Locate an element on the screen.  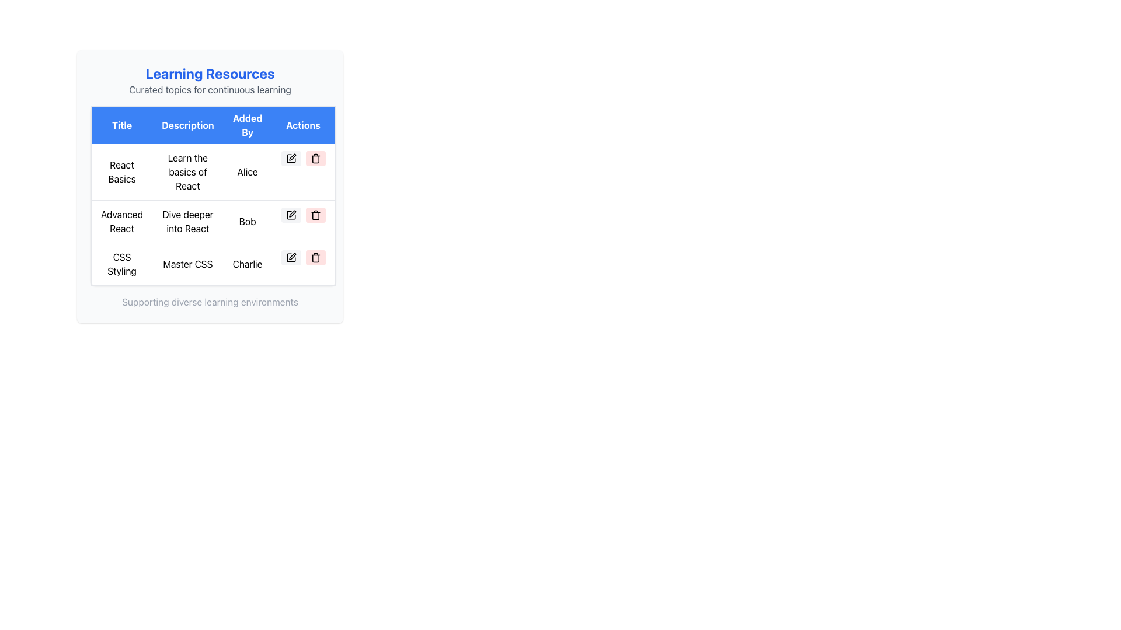
the text label that reads 'Dive deeper into React' located in the second row and second column of the table under the 'Description' column is located at coordinates (187, 222).